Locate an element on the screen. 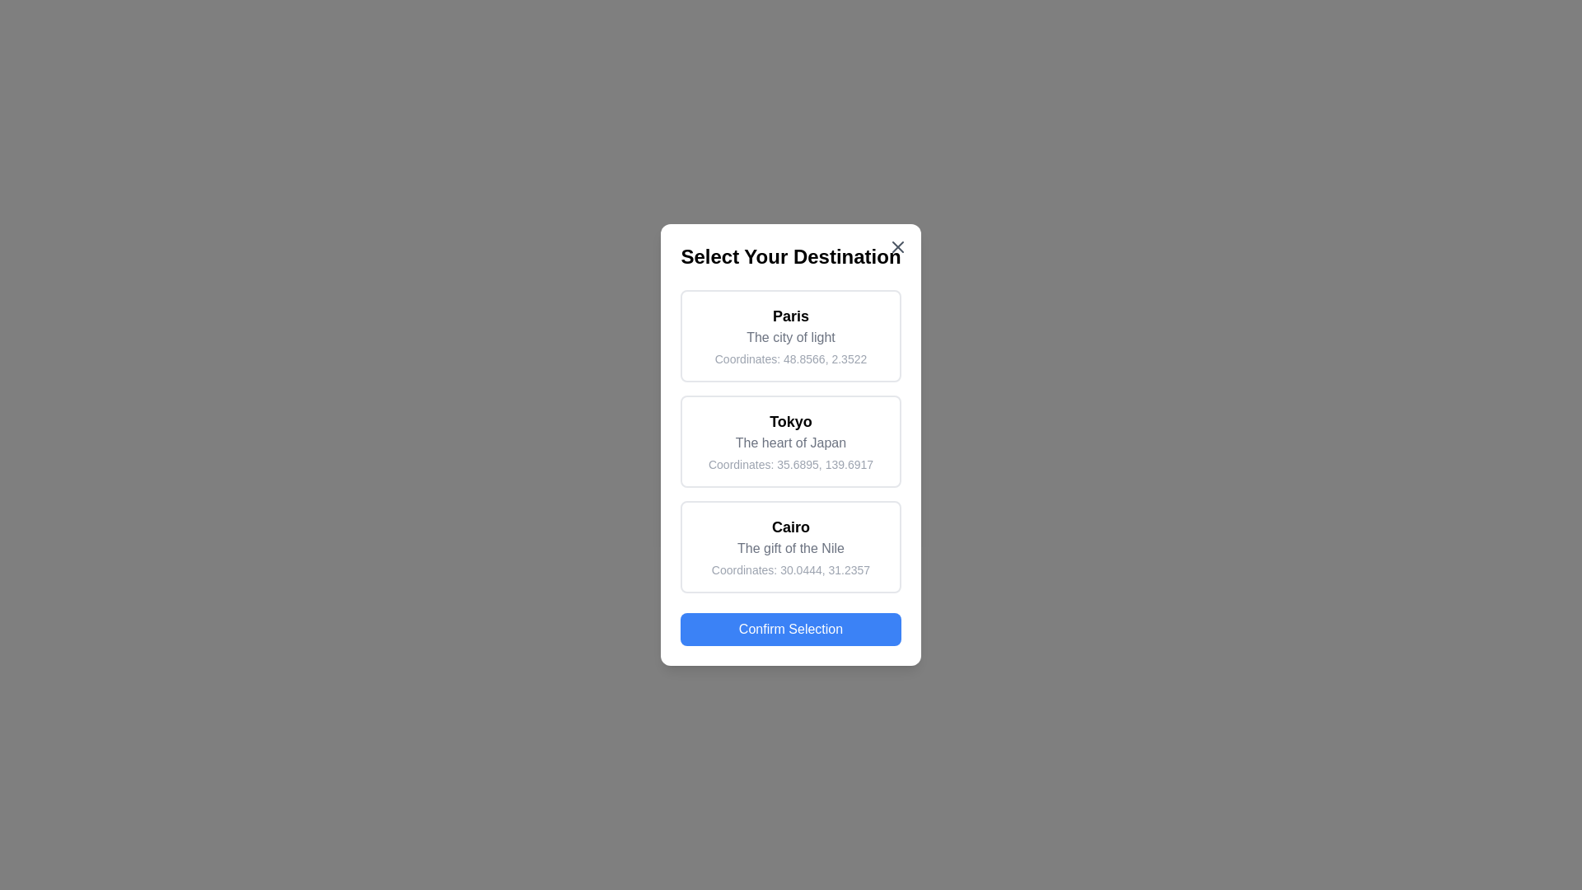  the 'Confirm Selection' button to confirm the selected destination is located at coordinates (791, 629).